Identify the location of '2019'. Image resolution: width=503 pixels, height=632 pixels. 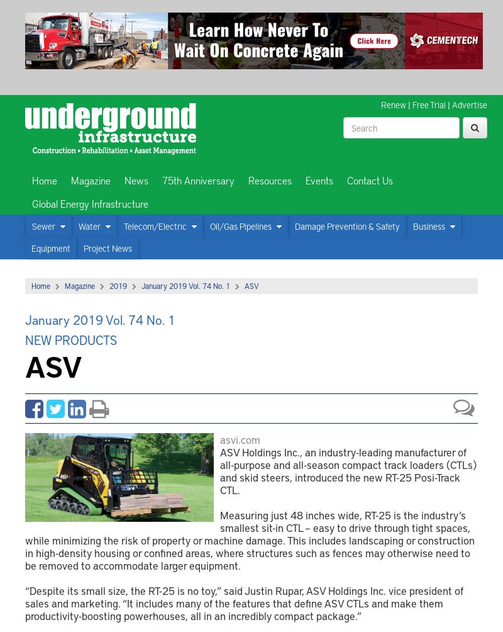
(118, 285).